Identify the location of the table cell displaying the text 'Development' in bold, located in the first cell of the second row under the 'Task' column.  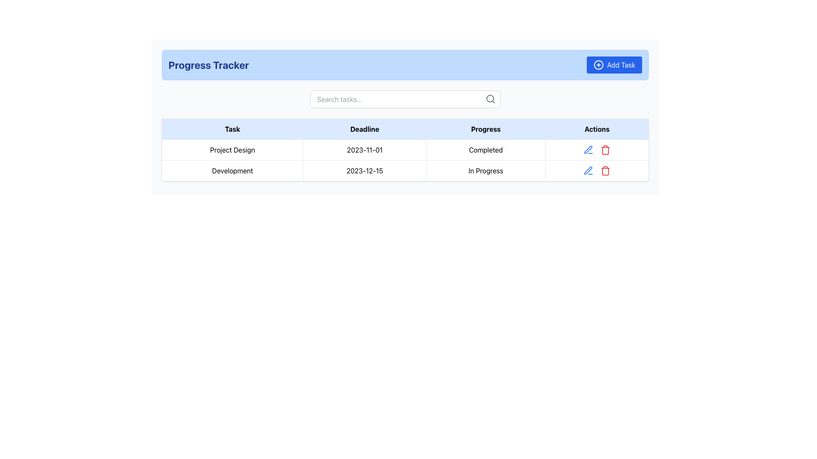
(232, 170).